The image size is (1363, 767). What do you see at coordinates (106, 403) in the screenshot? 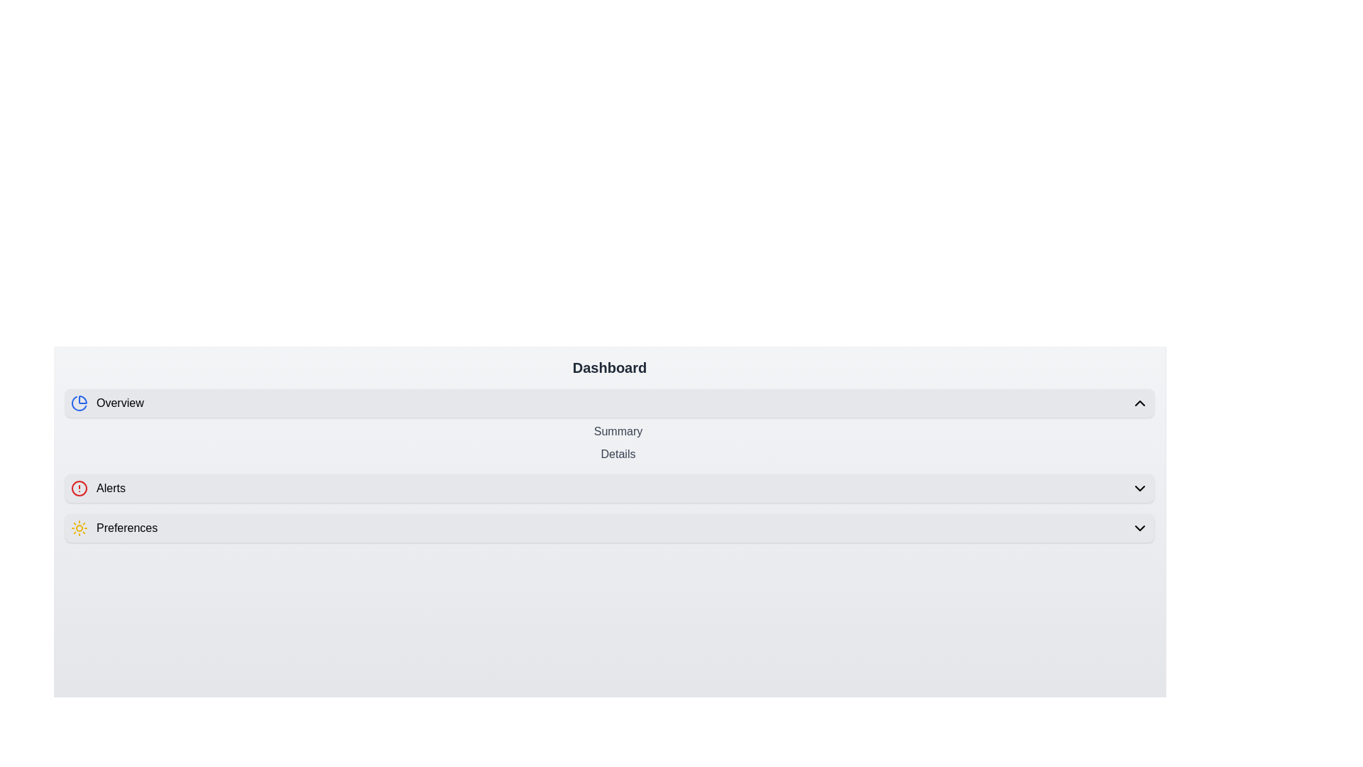
I see `the 'Overview' label, which has a blue pie chart icon on its left side` at bounding box center [106, 403].